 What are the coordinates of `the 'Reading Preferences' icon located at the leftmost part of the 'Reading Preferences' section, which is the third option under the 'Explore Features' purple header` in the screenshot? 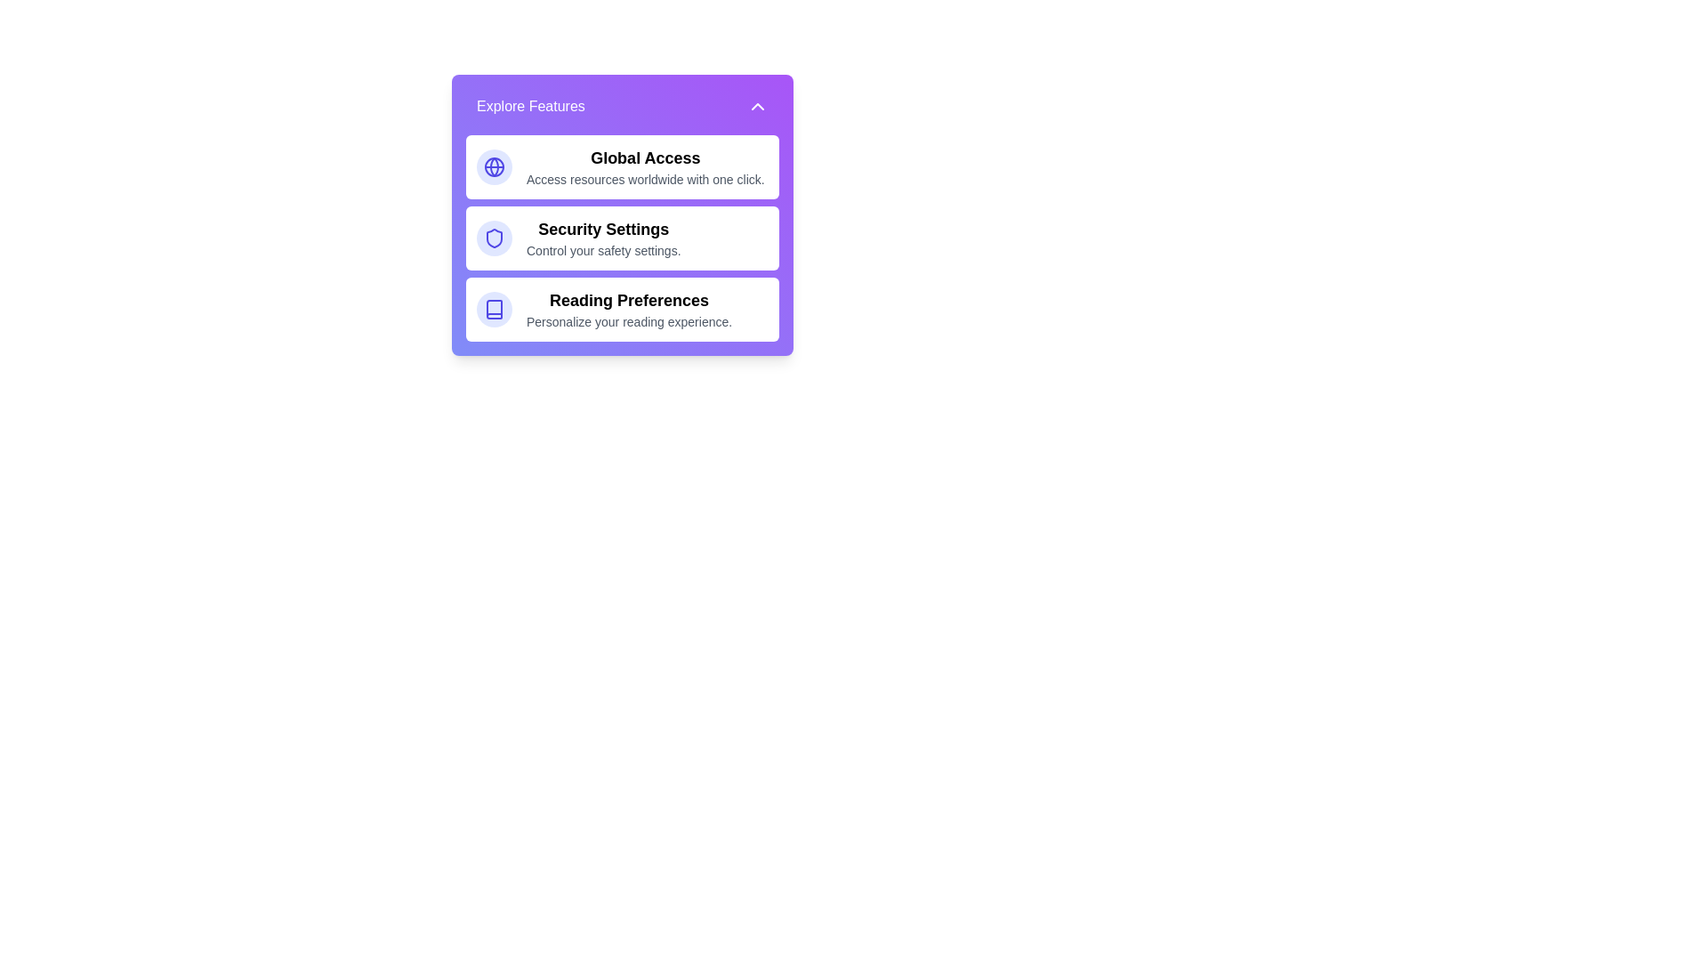 It's located at (495, 308).